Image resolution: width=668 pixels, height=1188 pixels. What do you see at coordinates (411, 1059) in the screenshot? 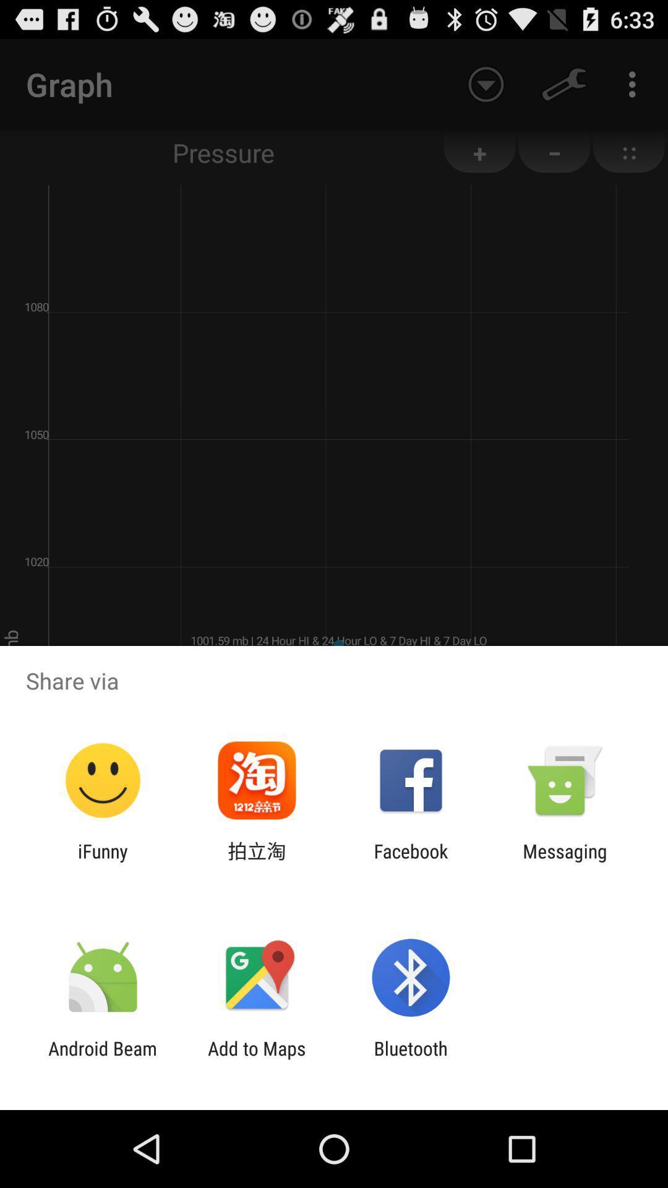
I see `the app next to the add to maps item` at bounding box center [411, 1059].